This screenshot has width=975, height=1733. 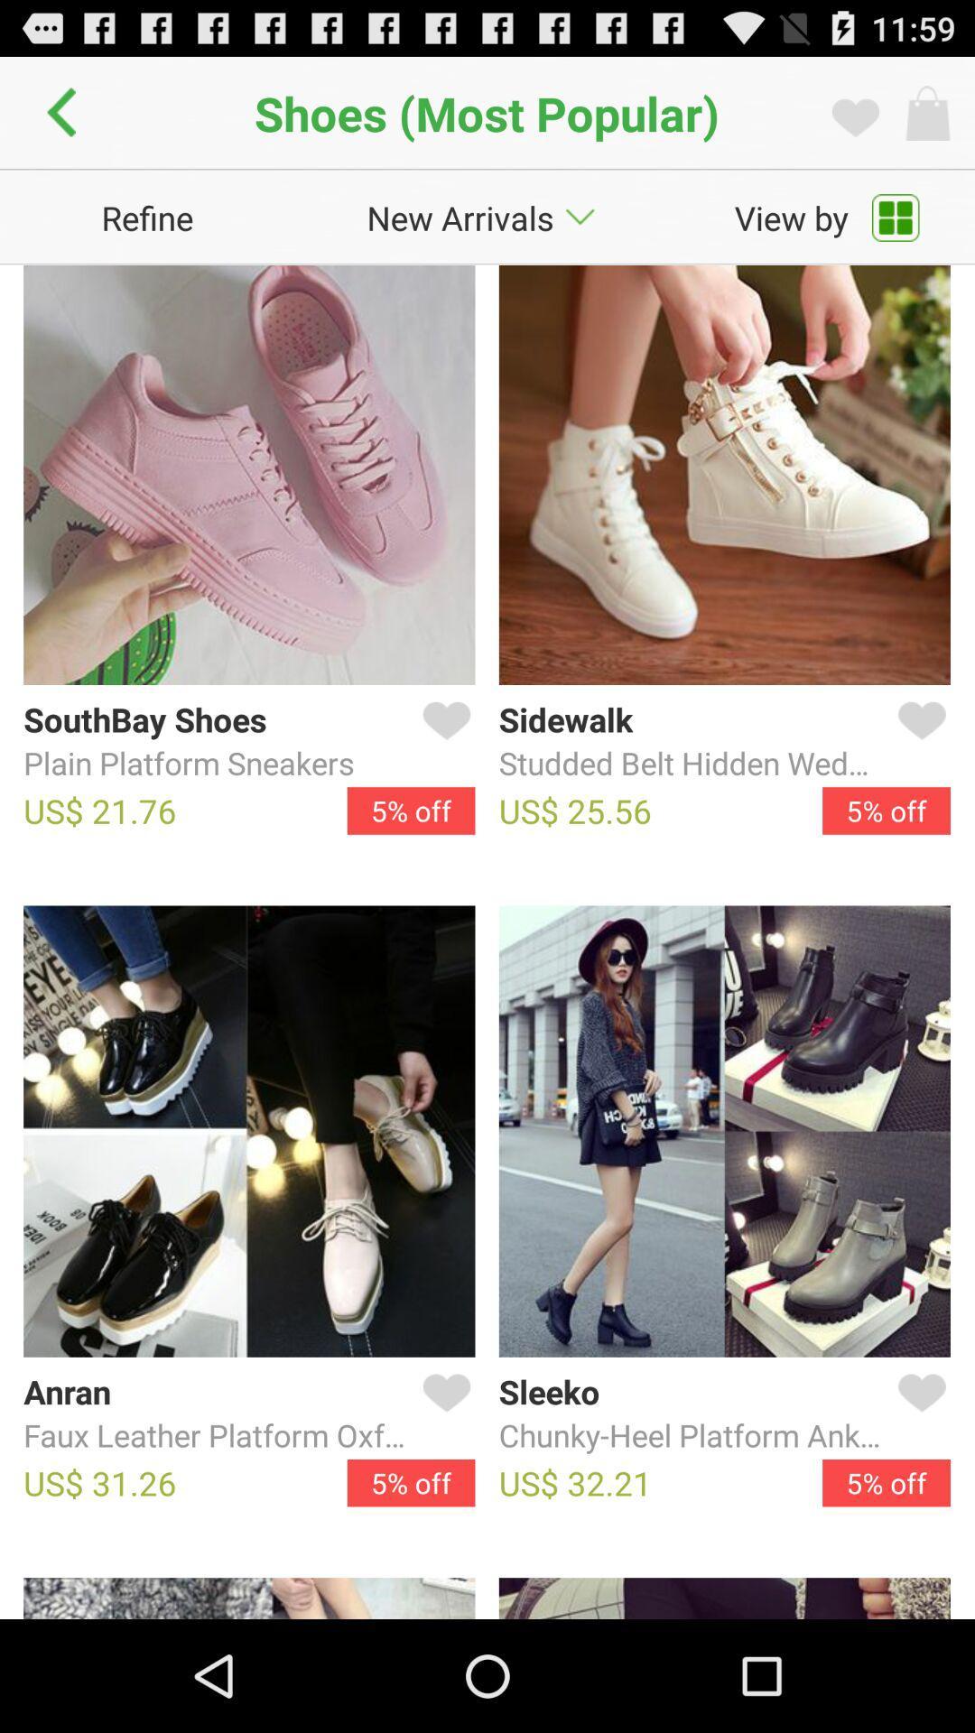 I want to click on to favorite, so click(x=442, y=1413).